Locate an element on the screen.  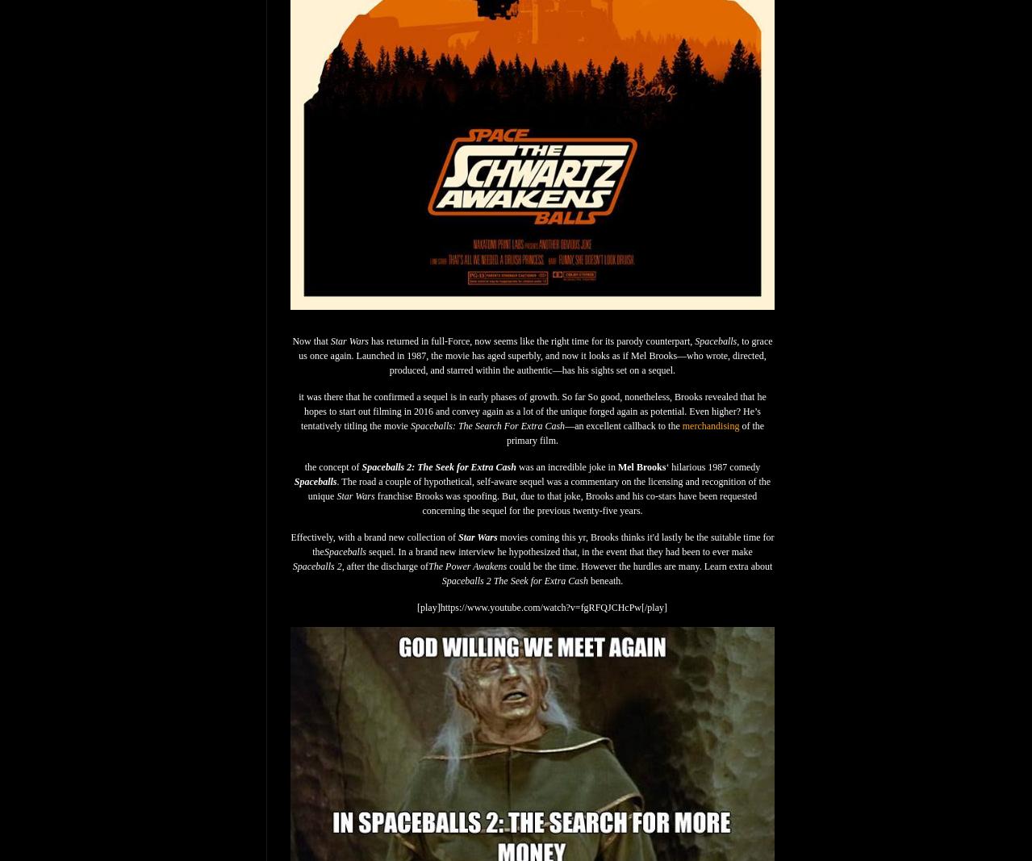
'beneath.' is located at coordinates (605, 580).